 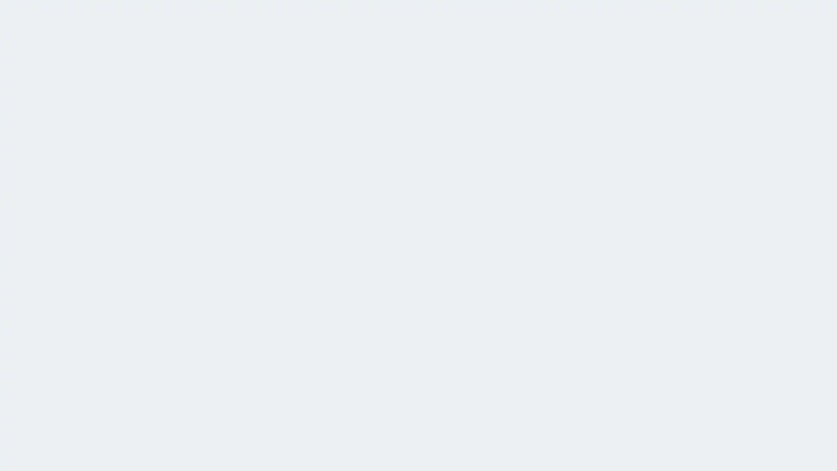 What do you see at coordinates (418, 242) in the screenshot?
I see `Sign up, it's free!` at bounding box center [418, 242].